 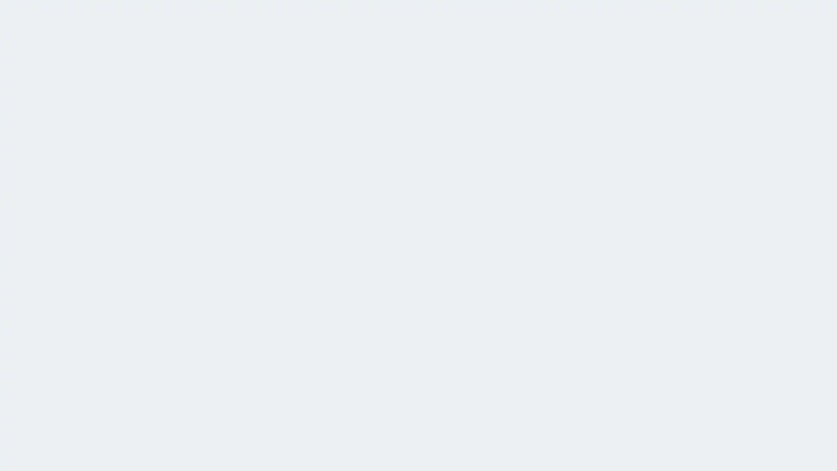 What do you see at coordinates (418, 242) in the screenshot?
I see `Sign up, it's free!` at bounding box center [418, 242].